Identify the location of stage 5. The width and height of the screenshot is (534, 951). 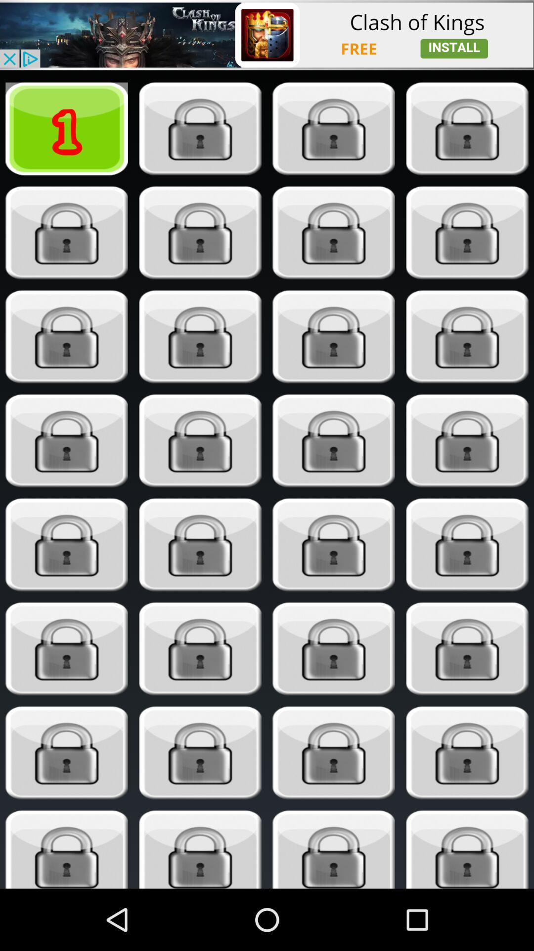
(67, 232).